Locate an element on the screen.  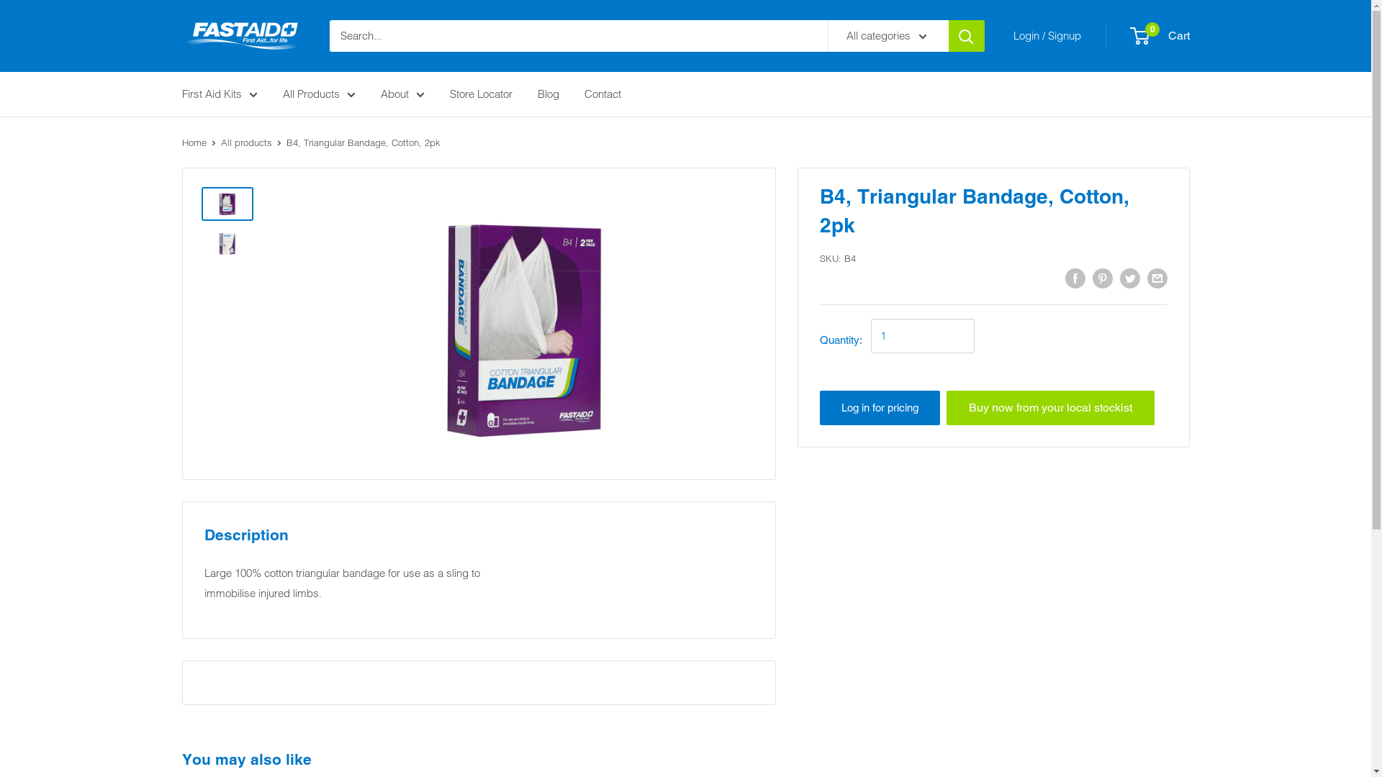
'Login / Signup' is located at coordinates (1047, 35).